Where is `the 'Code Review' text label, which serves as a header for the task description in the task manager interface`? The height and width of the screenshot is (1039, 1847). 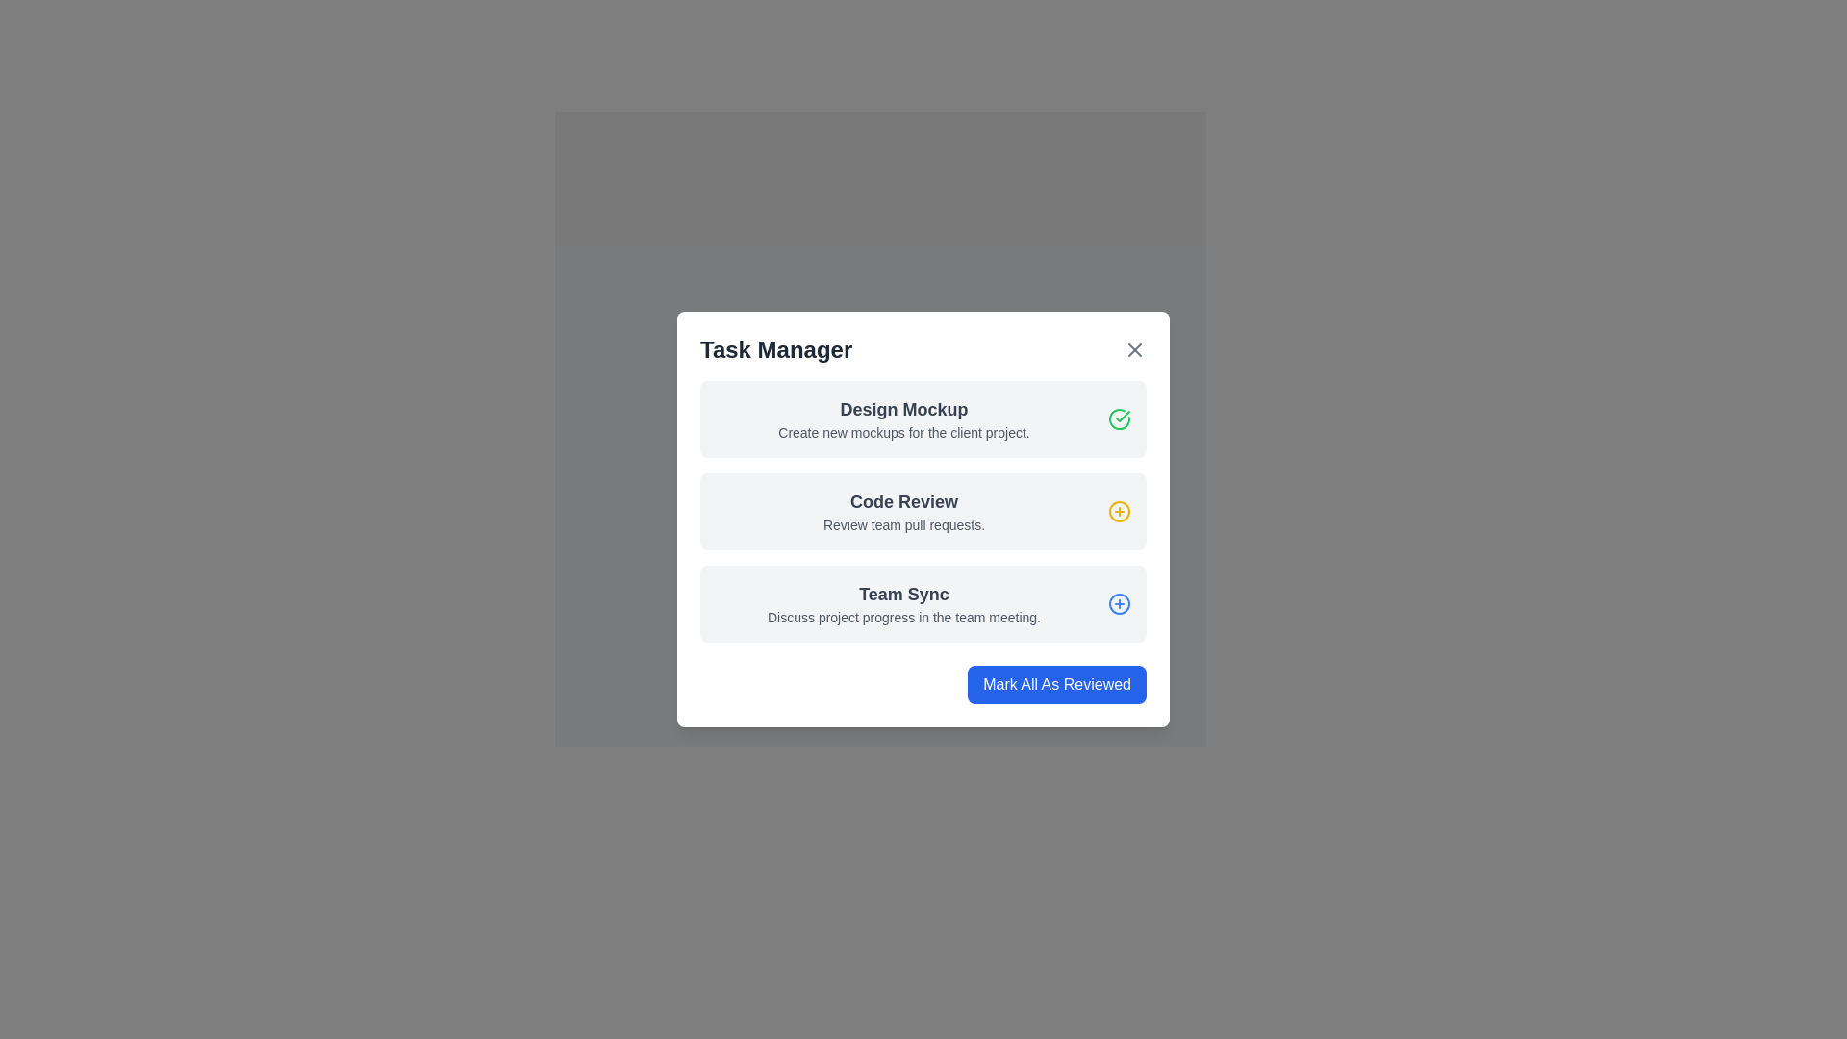
the 'Code Review' text label, which serves as a header for the task description in the task manager interface is located at coordinates (903, 500).